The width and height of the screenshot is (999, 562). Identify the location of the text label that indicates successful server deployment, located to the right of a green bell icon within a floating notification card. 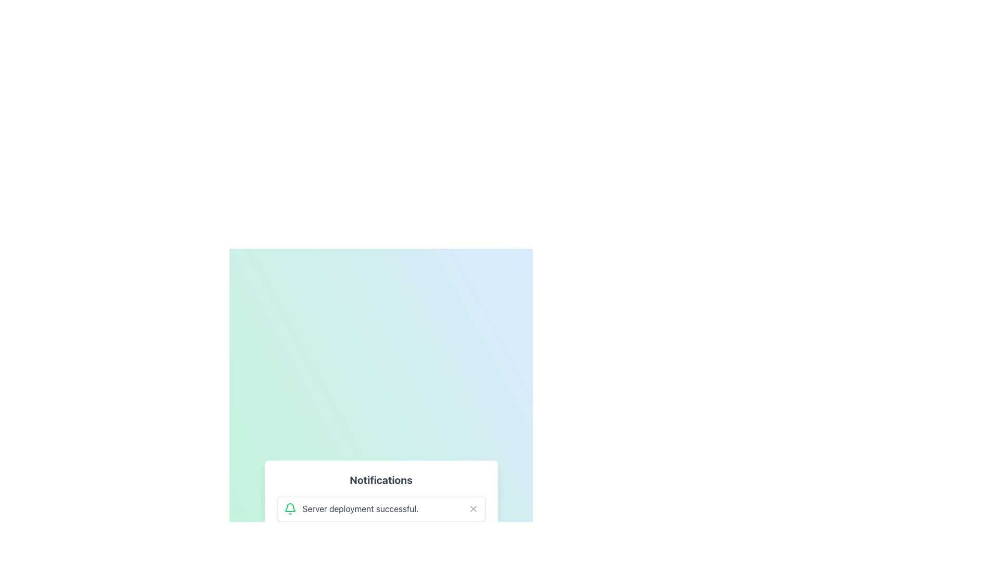
(361, 508).